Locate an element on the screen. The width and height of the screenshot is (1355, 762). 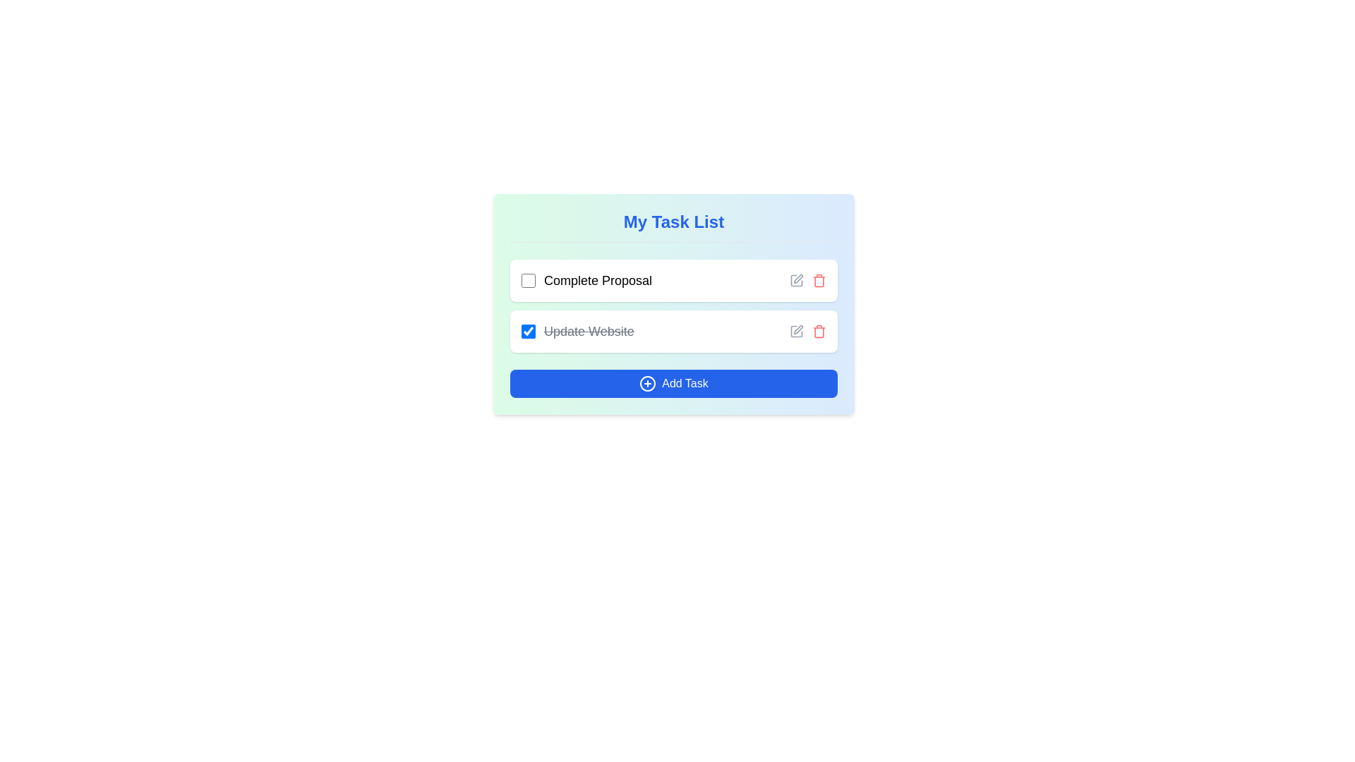
the static text label for the task titled 'Complete Proposal' located in the 'My Task List' section, positioned to the right of the checkbox is located at coordinates (598, 280).